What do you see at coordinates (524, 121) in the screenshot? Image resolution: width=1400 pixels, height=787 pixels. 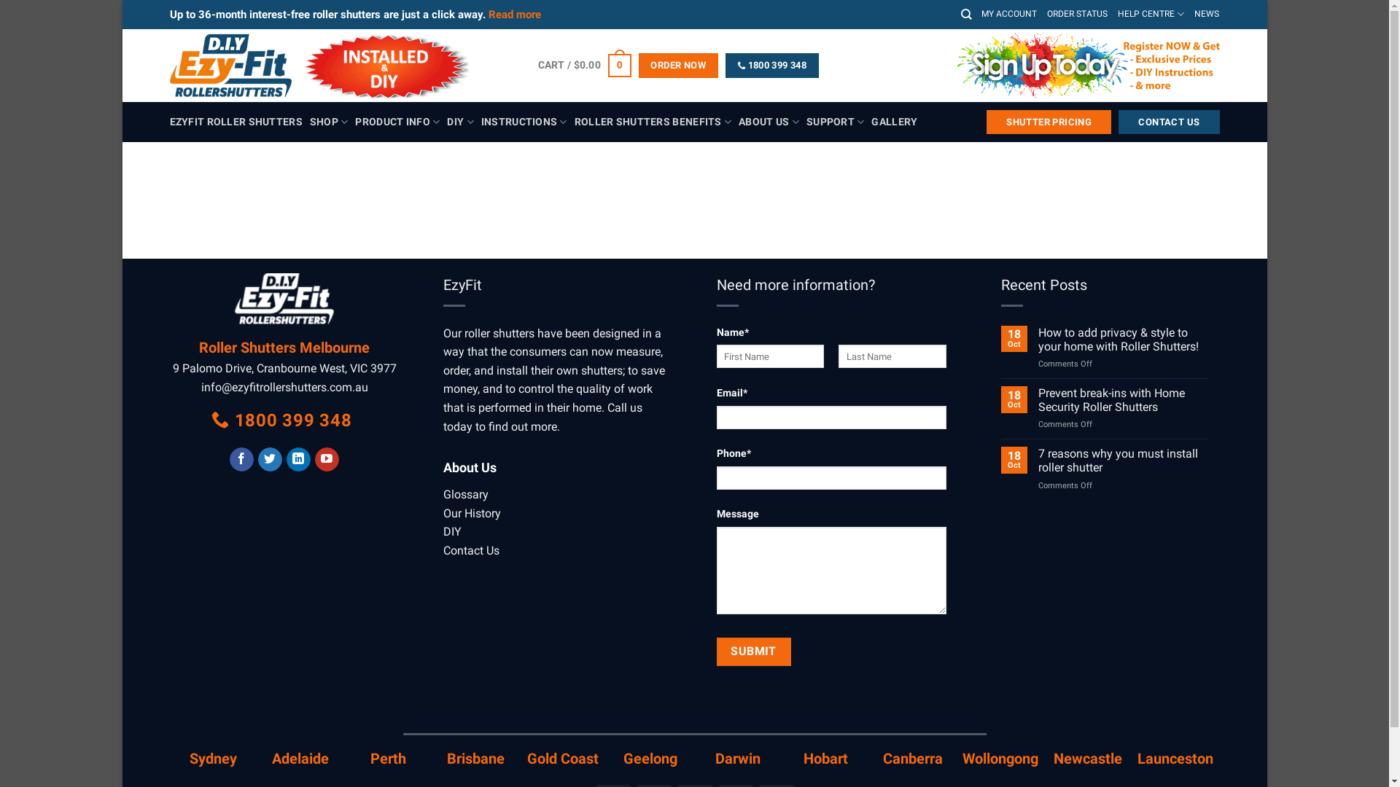 I see `'INSTRUCTIONS'` at bounding box center [524, 121].